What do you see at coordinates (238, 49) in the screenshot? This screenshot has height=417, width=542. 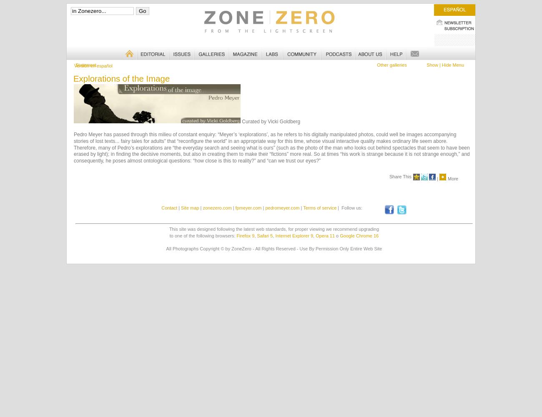 I see `'Magazine'` at bounding box center [238, 49].